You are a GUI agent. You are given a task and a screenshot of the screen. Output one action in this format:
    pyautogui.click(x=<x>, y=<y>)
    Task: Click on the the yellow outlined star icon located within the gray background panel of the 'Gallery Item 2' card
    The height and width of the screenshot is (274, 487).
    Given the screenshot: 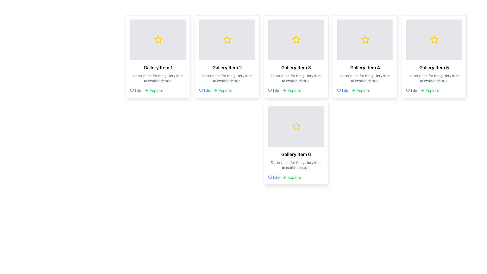 What is the action you would take?
    pyautogui.click(x=227, y=40)
    